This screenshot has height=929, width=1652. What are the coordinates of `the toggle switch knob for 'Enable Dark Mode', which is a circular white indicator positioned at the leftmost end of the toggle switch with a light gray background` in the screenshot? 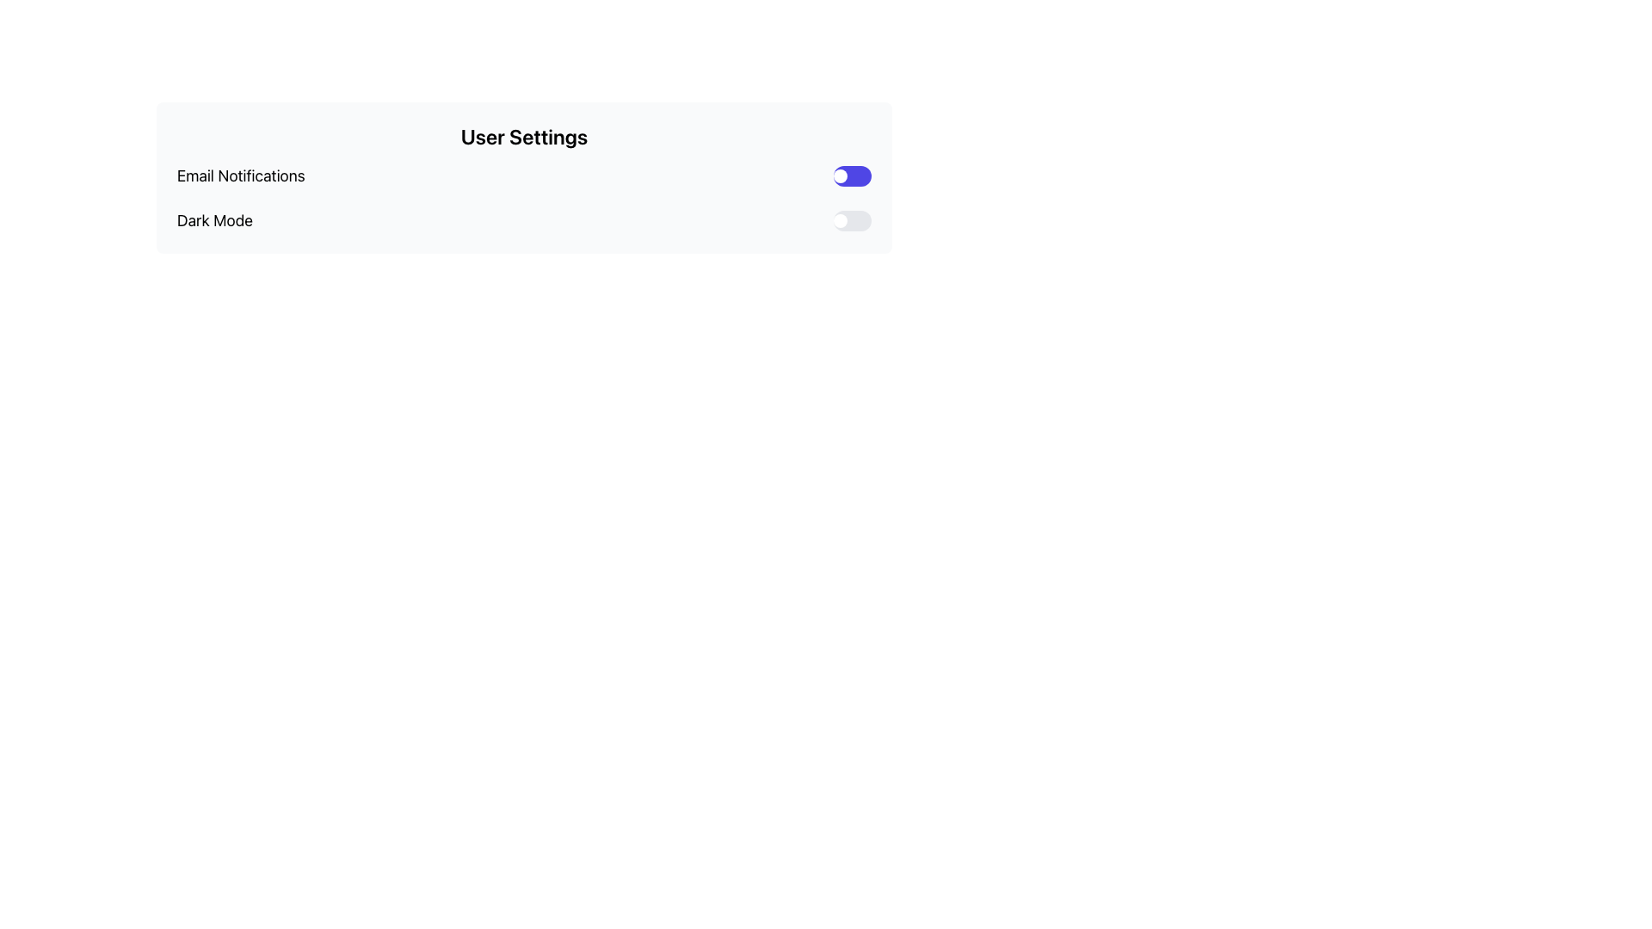 It's located at (841, 220).